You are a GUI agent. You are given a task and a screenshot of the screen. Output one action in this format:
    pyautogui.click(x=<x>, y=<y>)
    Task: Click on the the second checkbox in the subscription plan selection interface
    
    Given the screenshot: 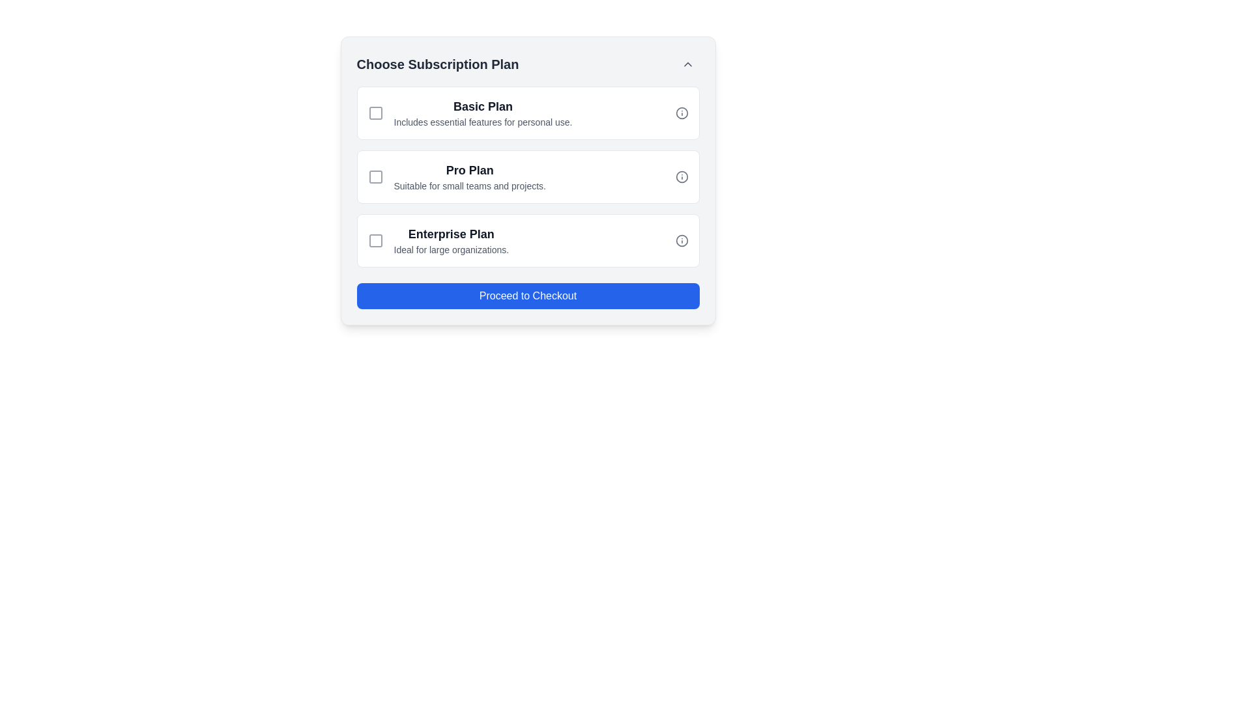 What is the action you would take?
    pyautogui.click(x=375, y=177)
    